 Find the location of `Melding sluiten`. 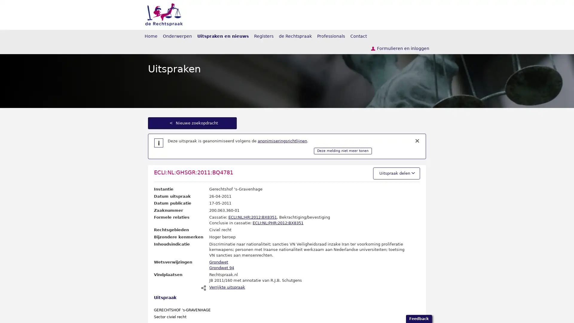

Melding sluiten is located at coordinates (417, 141).